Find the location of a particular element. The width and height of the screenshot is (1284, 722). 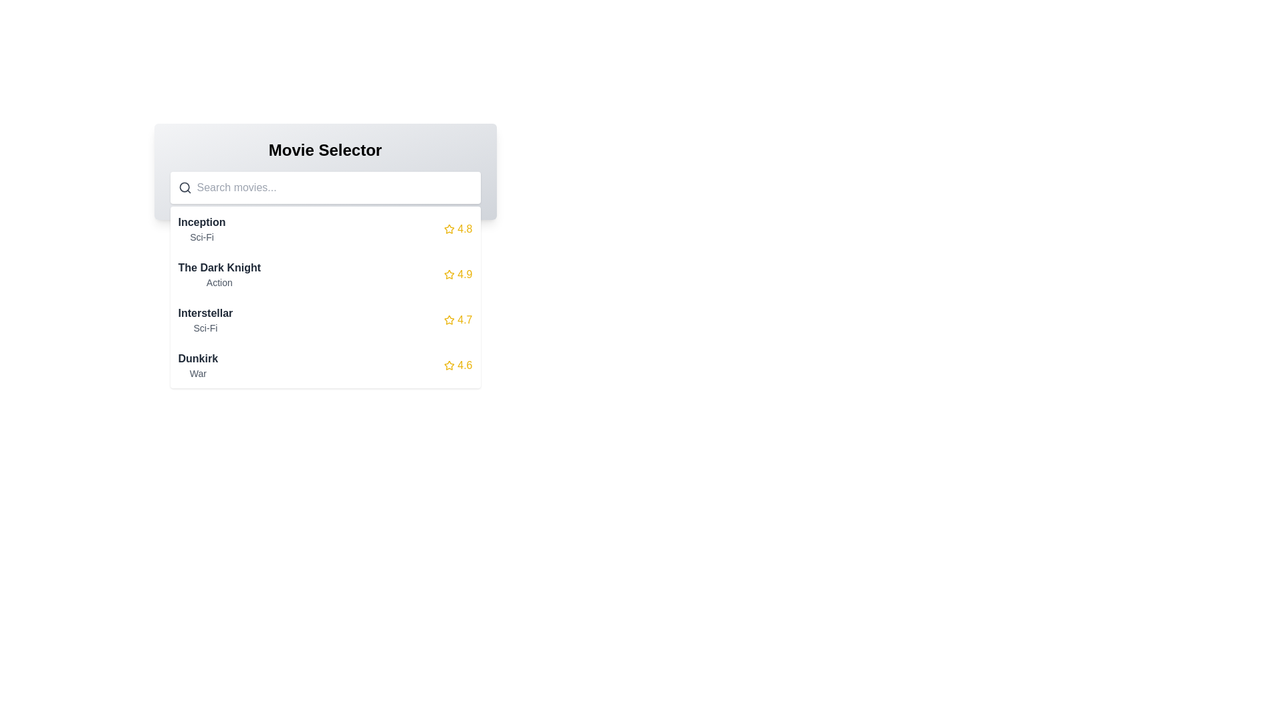

the gold-colored star icon with a hollow center that represents the rating for the movie 'Interstellar' is located at coordinates (449, 320).